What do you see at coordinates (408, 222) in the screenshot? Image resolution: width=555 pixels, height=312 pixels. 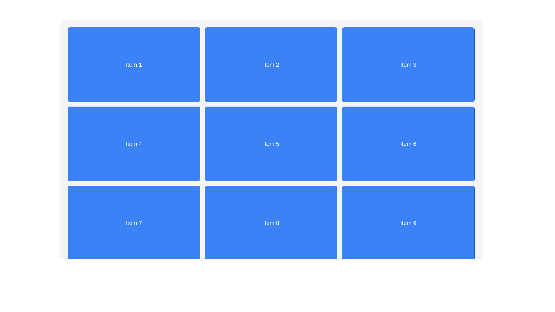 I see `the Grid item card with a vivid blue background containing the text 'Item 9' in bold white font, located at the bottom-right corner of the 3x3 grid layout` at bounding box center [408, 222].